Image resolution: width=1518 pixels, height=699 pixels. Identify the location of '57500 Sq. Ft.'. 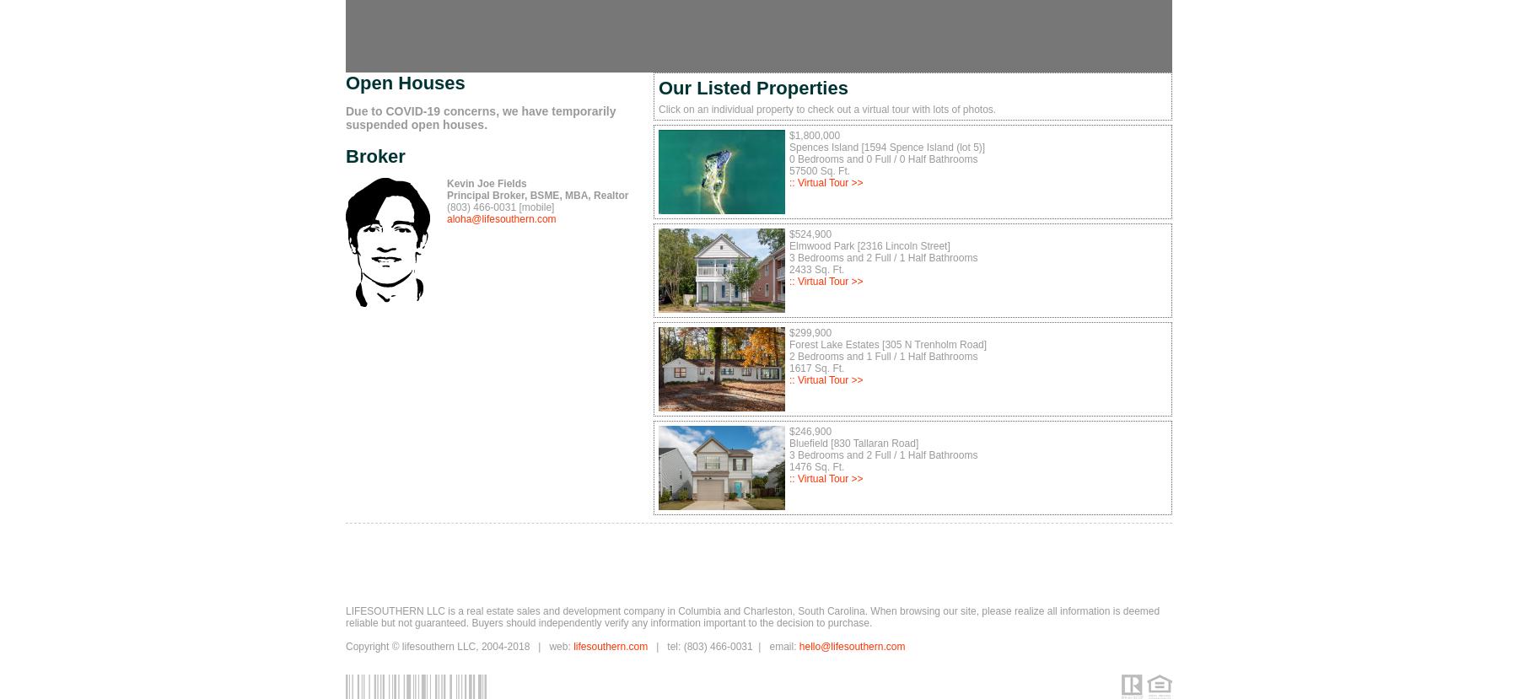
(819, 170).